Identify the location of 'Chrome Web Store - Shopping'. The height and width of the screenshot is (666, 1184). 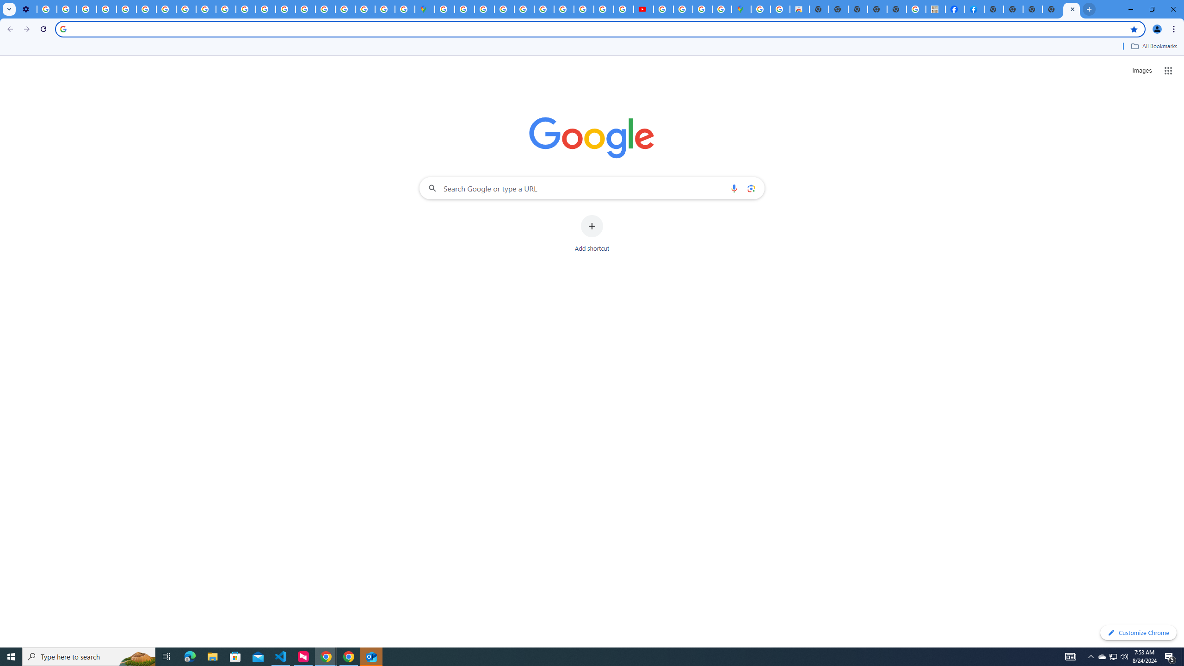
(799, 9).